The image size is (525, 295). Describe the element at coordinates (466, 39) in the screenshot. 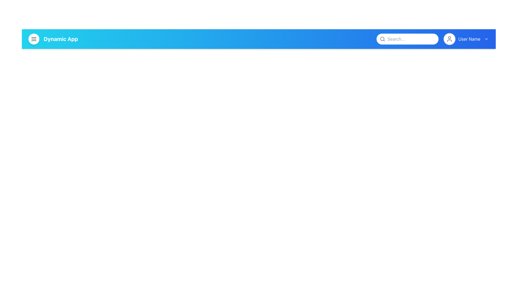

I see `the Profile menu toggle located on the far-right of the header bar` at that location.